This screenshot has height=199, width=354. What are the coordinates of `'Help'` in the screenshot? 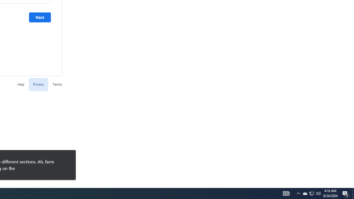 It's located at (20, 84).